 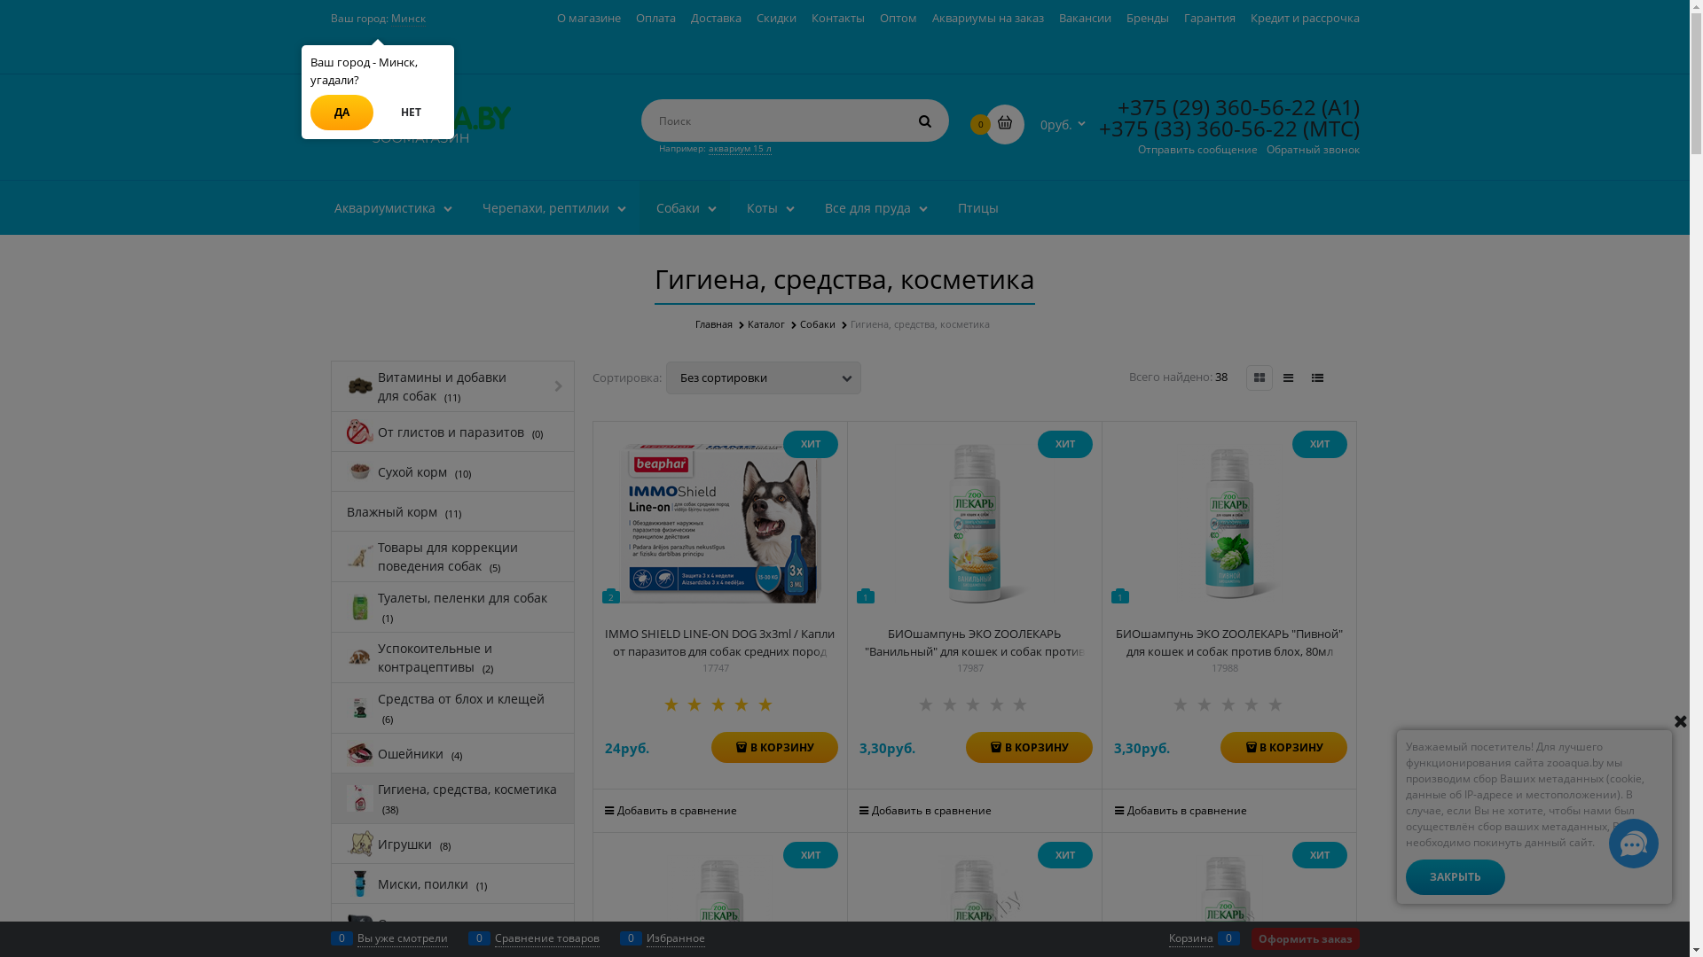 I want to click on '0', so click(x=1004, y=123).